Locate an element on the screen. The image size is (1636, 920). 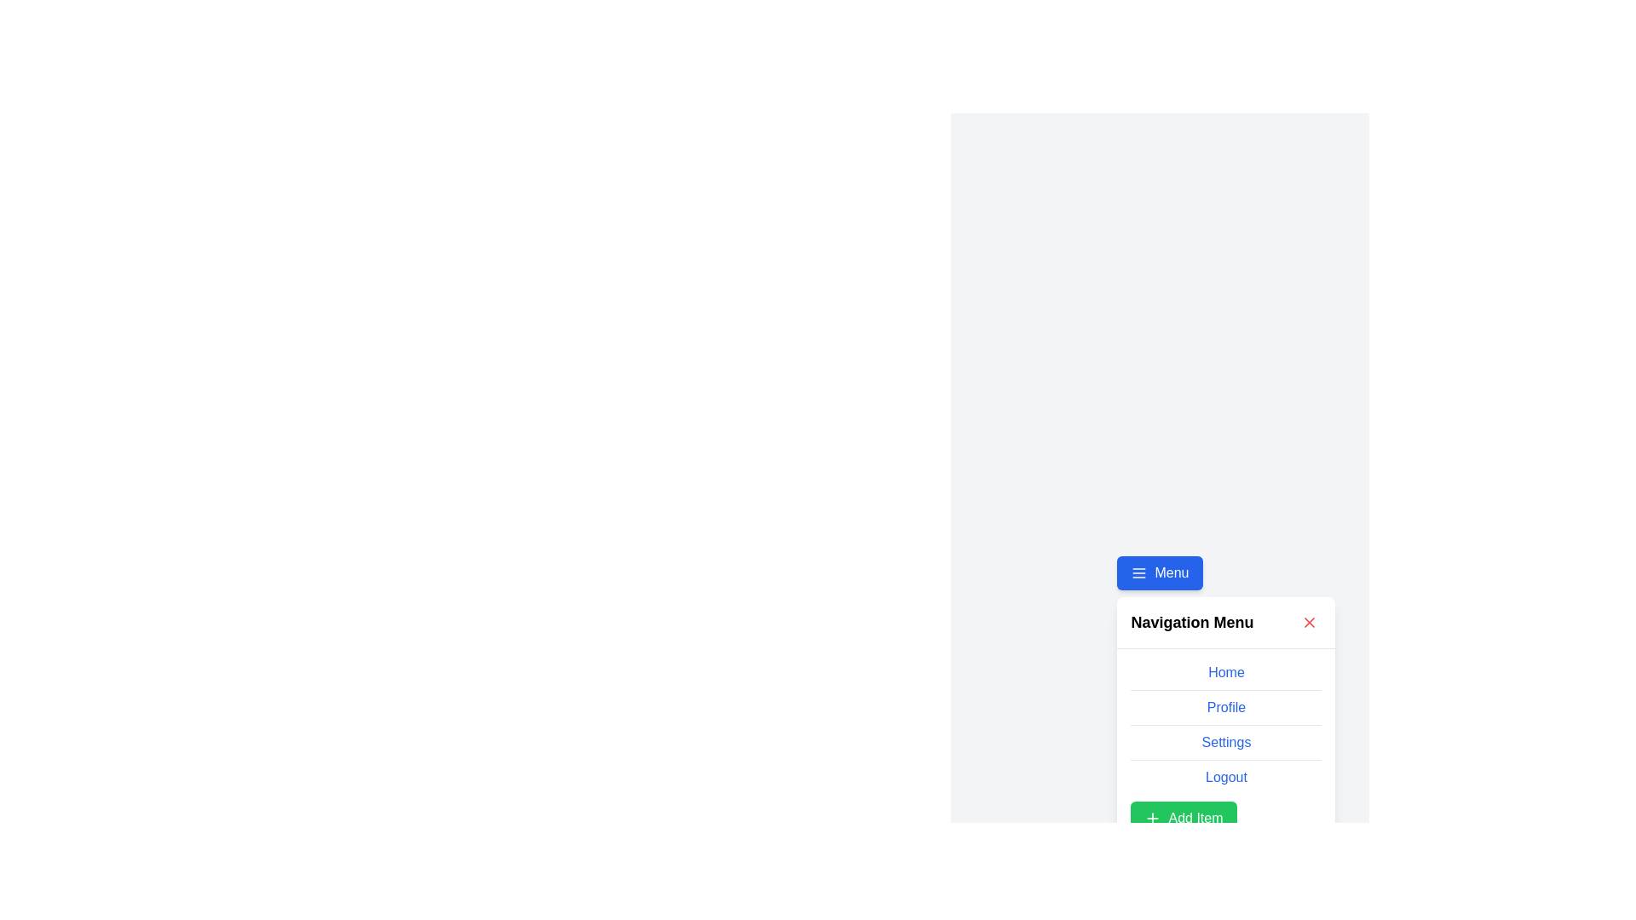
the visual icon located within the blue rectangular button labeled 'Menu' to interact with the menu button is located at coordinates (1139, 572).